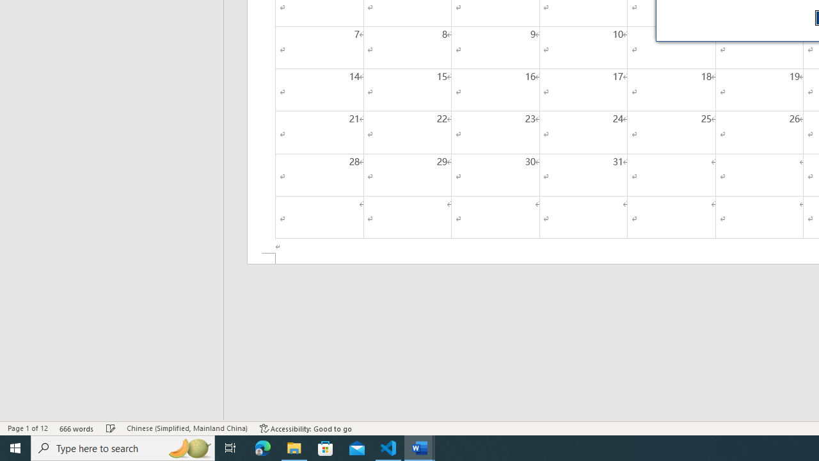 The height and width of the screenshot is (461, 819). Describe the element at coordinates (305, 428) in the screenshot. I see `'Accessibility Checker Accessibility: Good to go'` at that location.